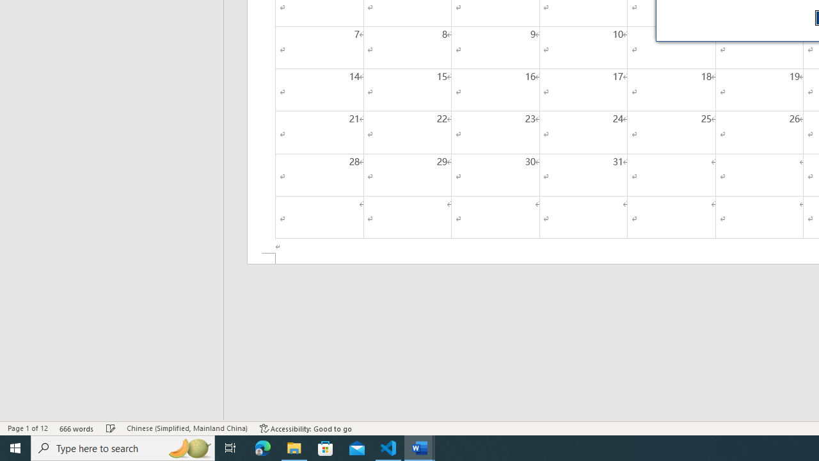 The height and width of the screenshot is (461, 819). Describe the element at coordinates (305, 428) in the screenshot. I see `'Accessibility Checker Accessibility: Good to go'` at that location.